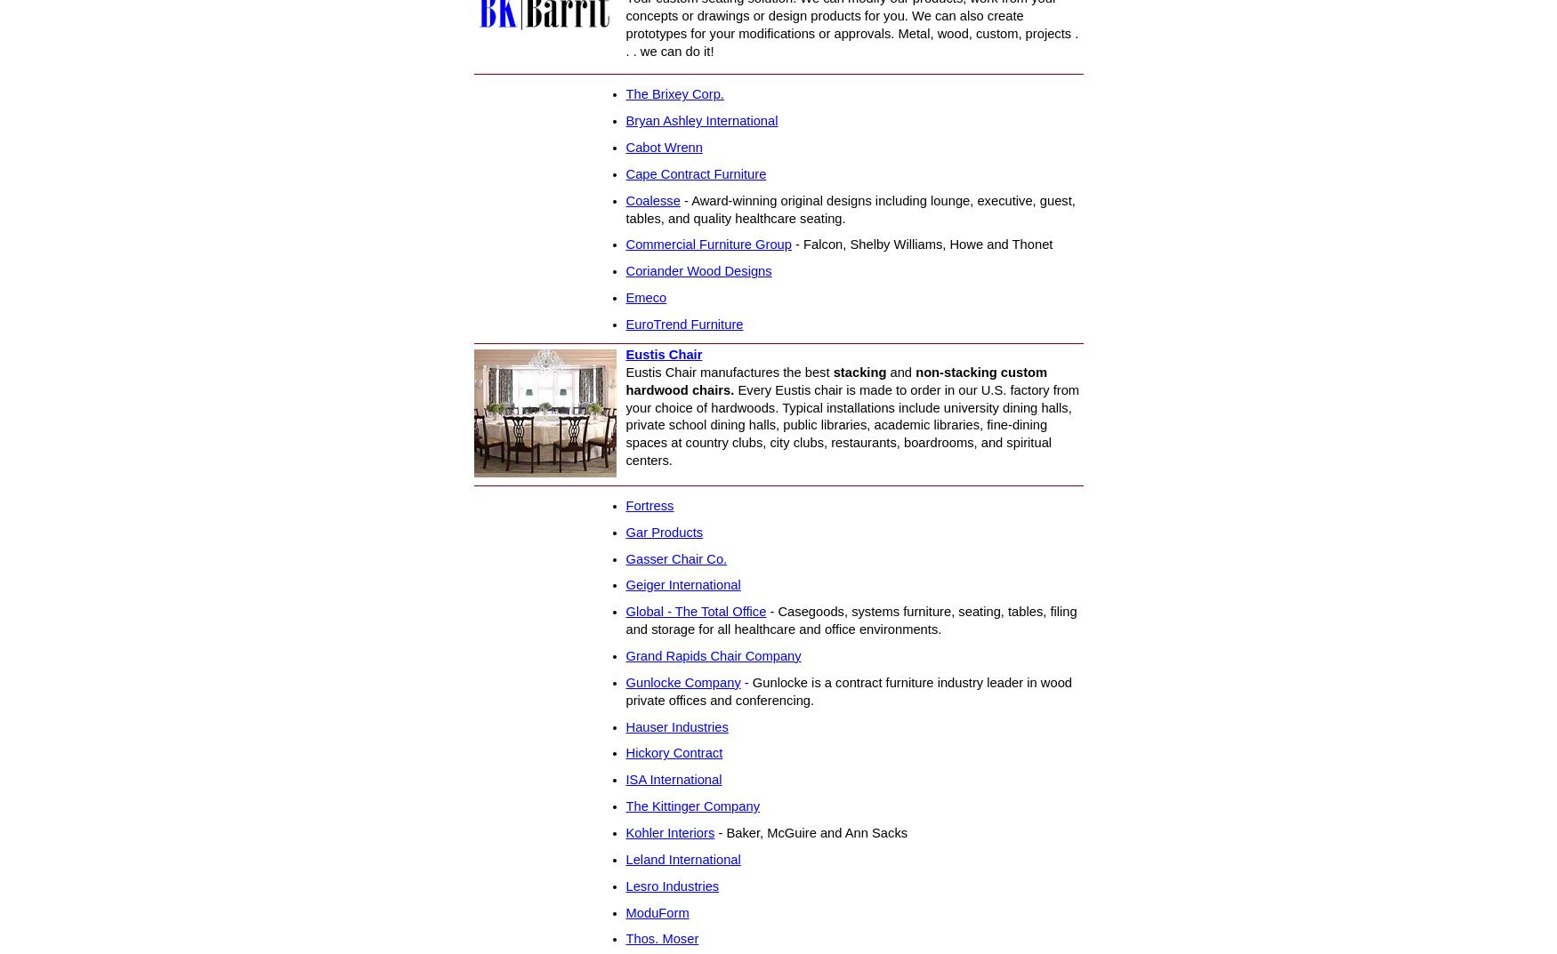 Image resolution: width=1557 pixels, height=954 pixels. Describe the element at coordinates (625, 752) in the screenshot. I see `'Hickory Contract'` at that location.